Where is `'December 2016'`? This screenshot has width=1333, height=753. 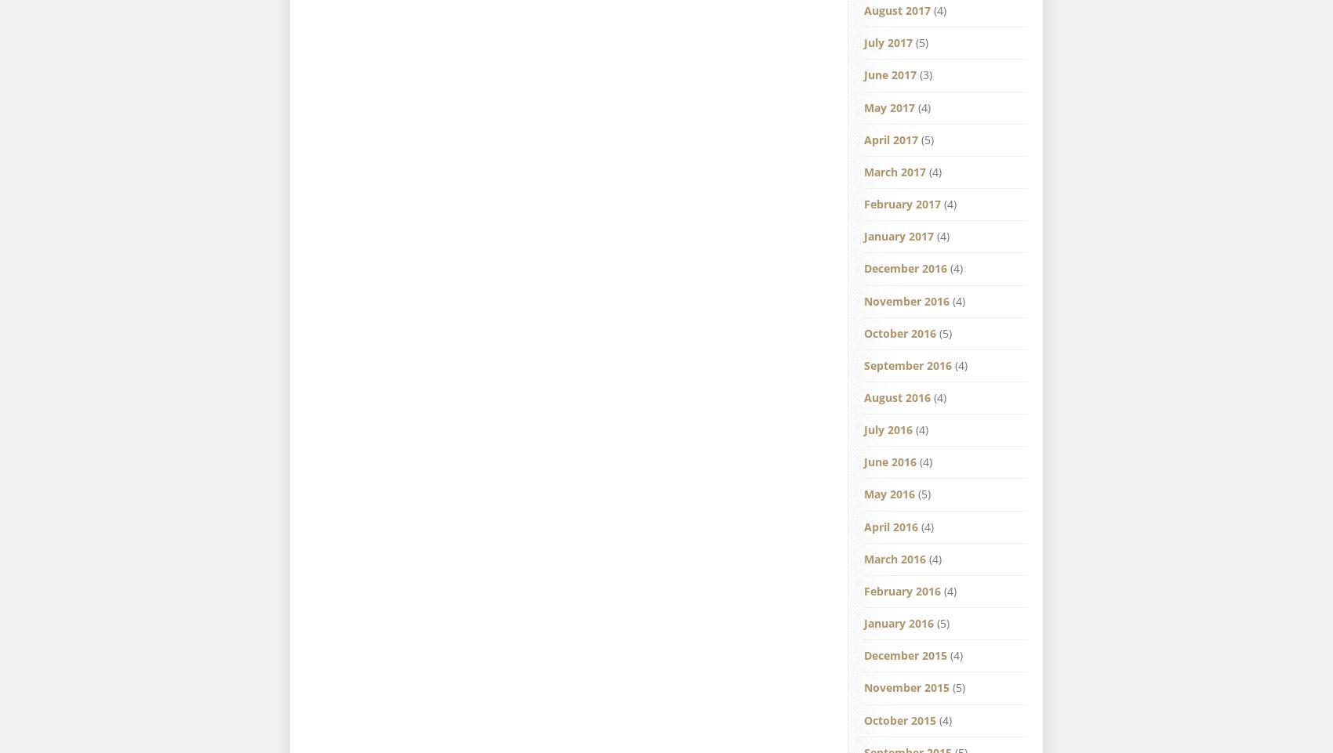 'December 2016' is located at coordinates (905, 267).